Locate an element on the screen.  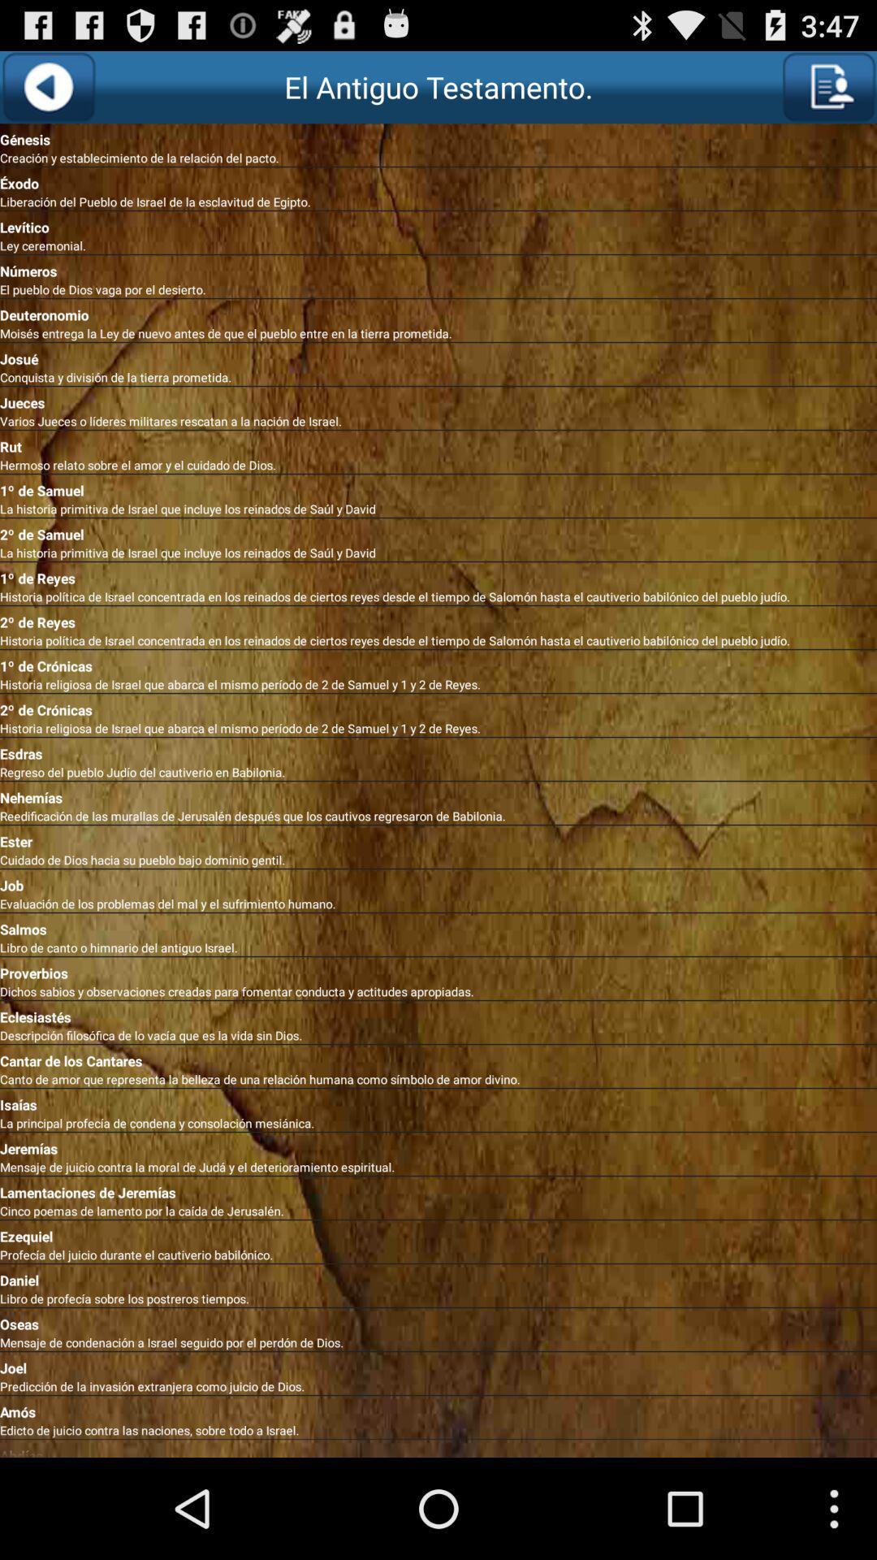
the daniel is located at coordinates (438, 1276).